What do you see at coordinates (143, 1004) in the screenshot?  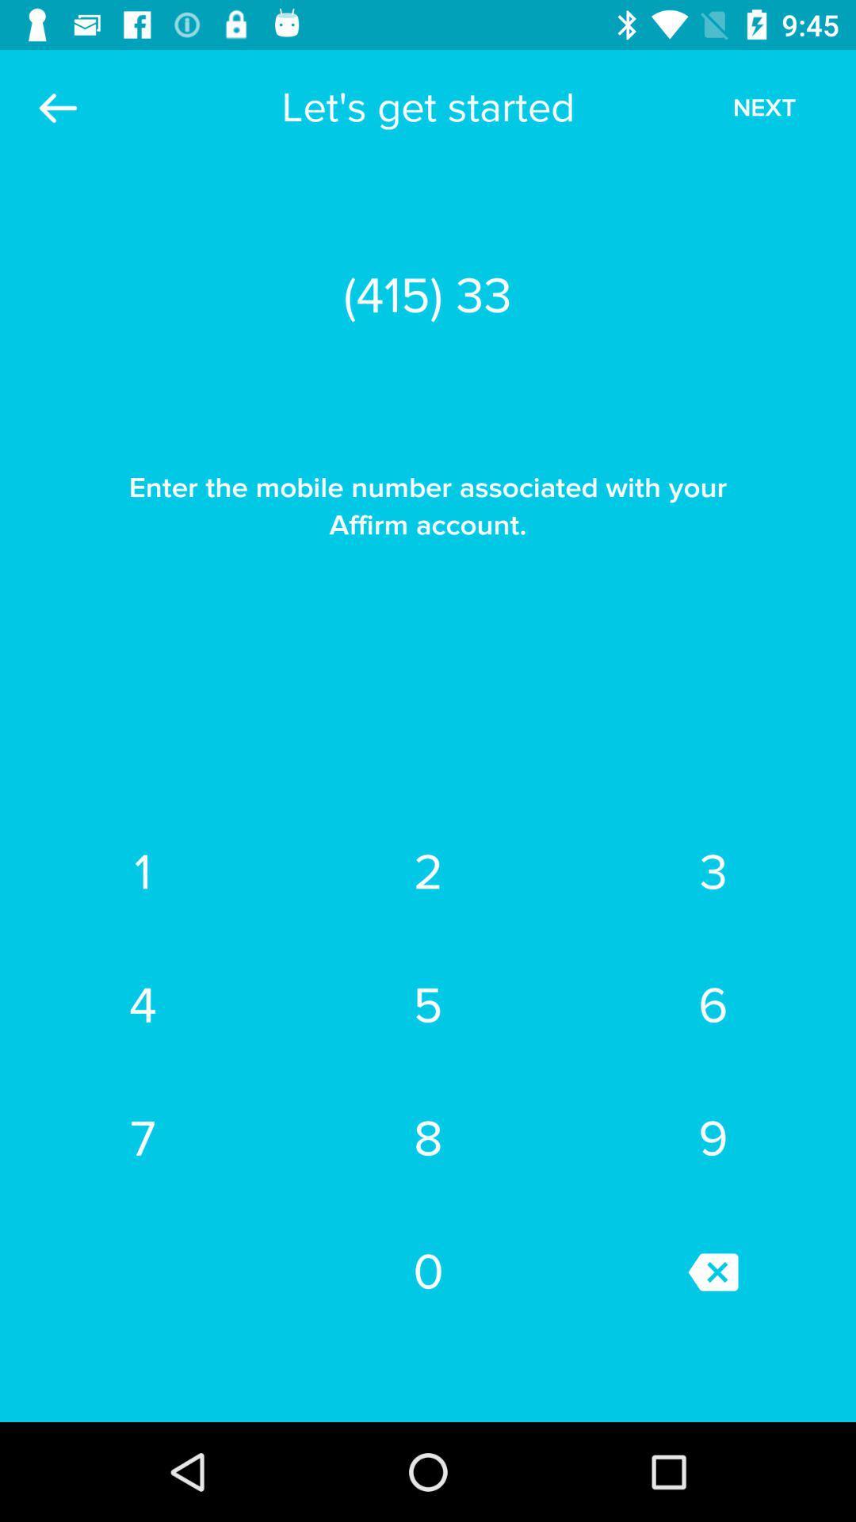 I see `item above the 7 item` at bounding box center [143, 1004].